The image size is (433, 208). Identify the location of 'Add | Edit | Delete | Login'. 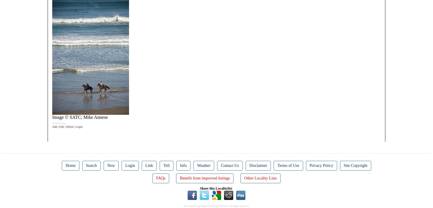
(67, 127).